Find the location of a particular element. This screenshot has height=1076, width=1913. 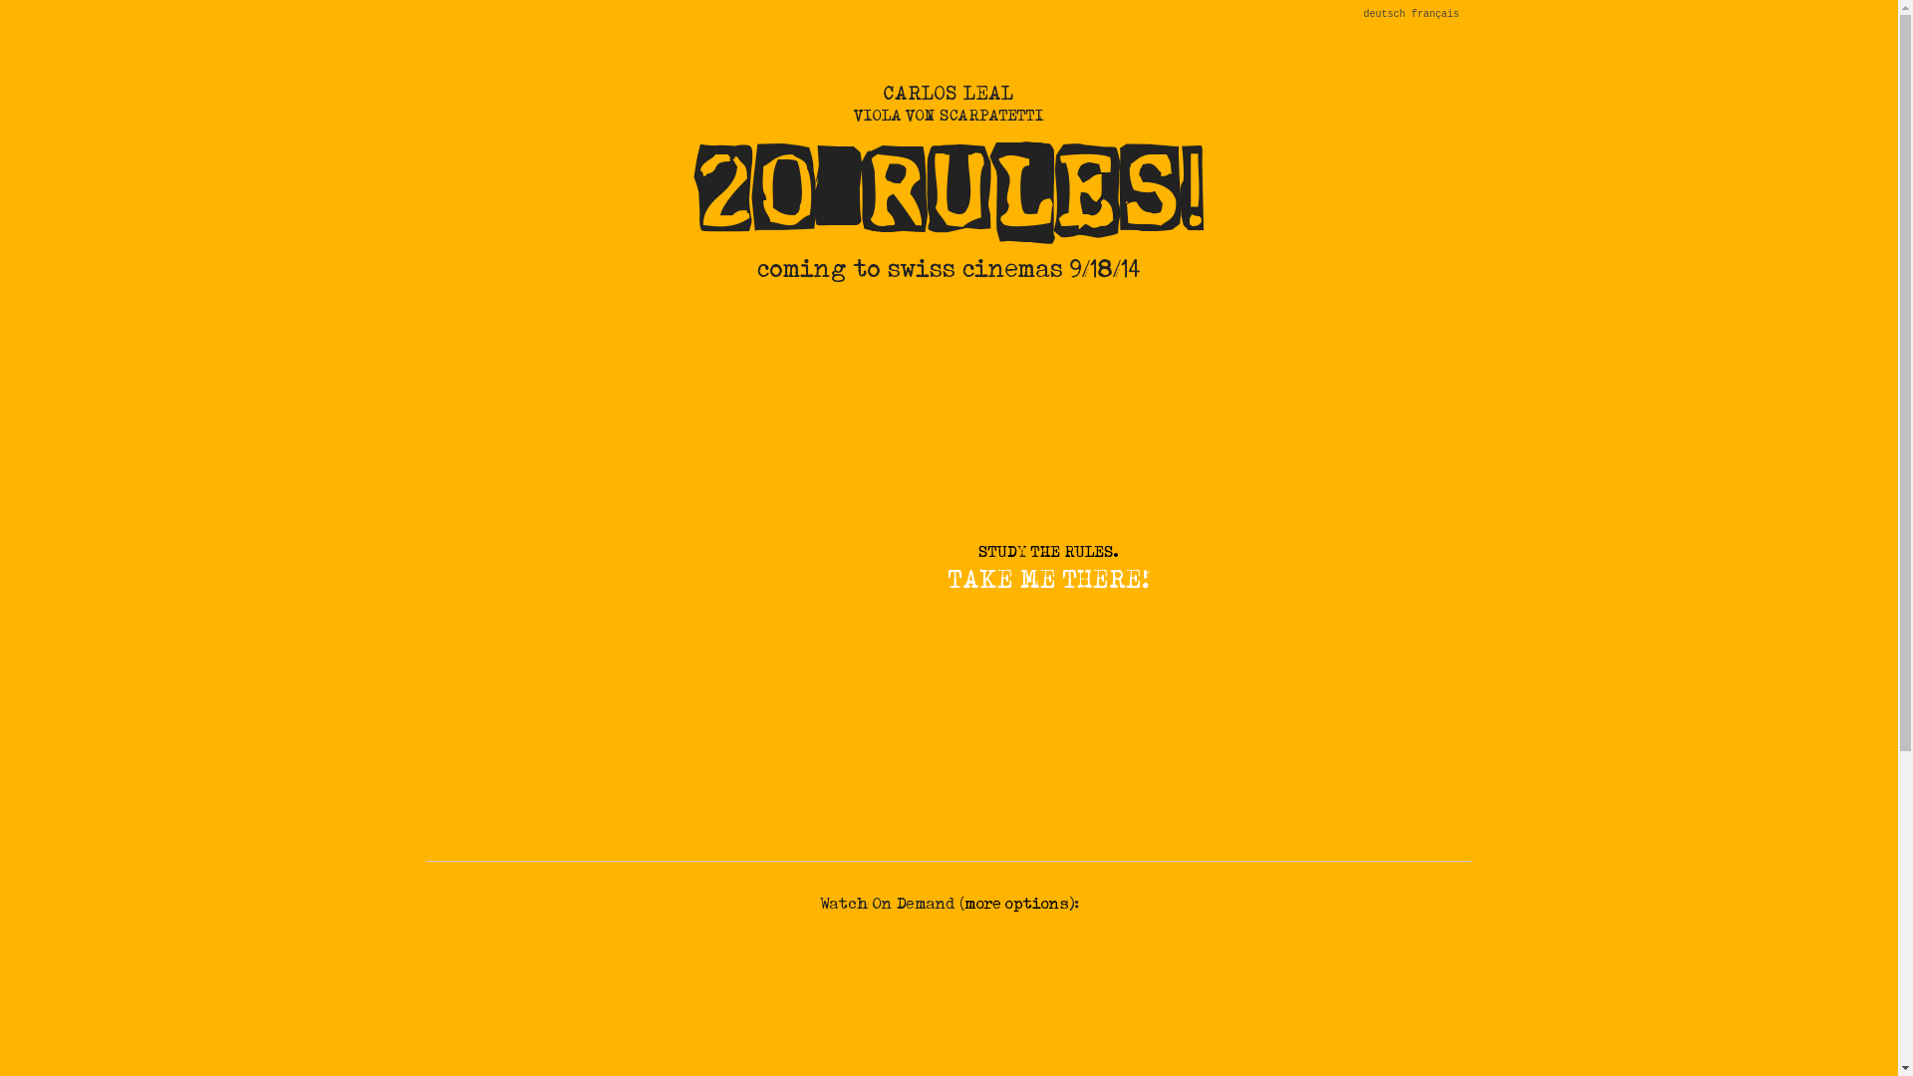

'STUDY THE RULES.' is located at coordinates (1046, 552).